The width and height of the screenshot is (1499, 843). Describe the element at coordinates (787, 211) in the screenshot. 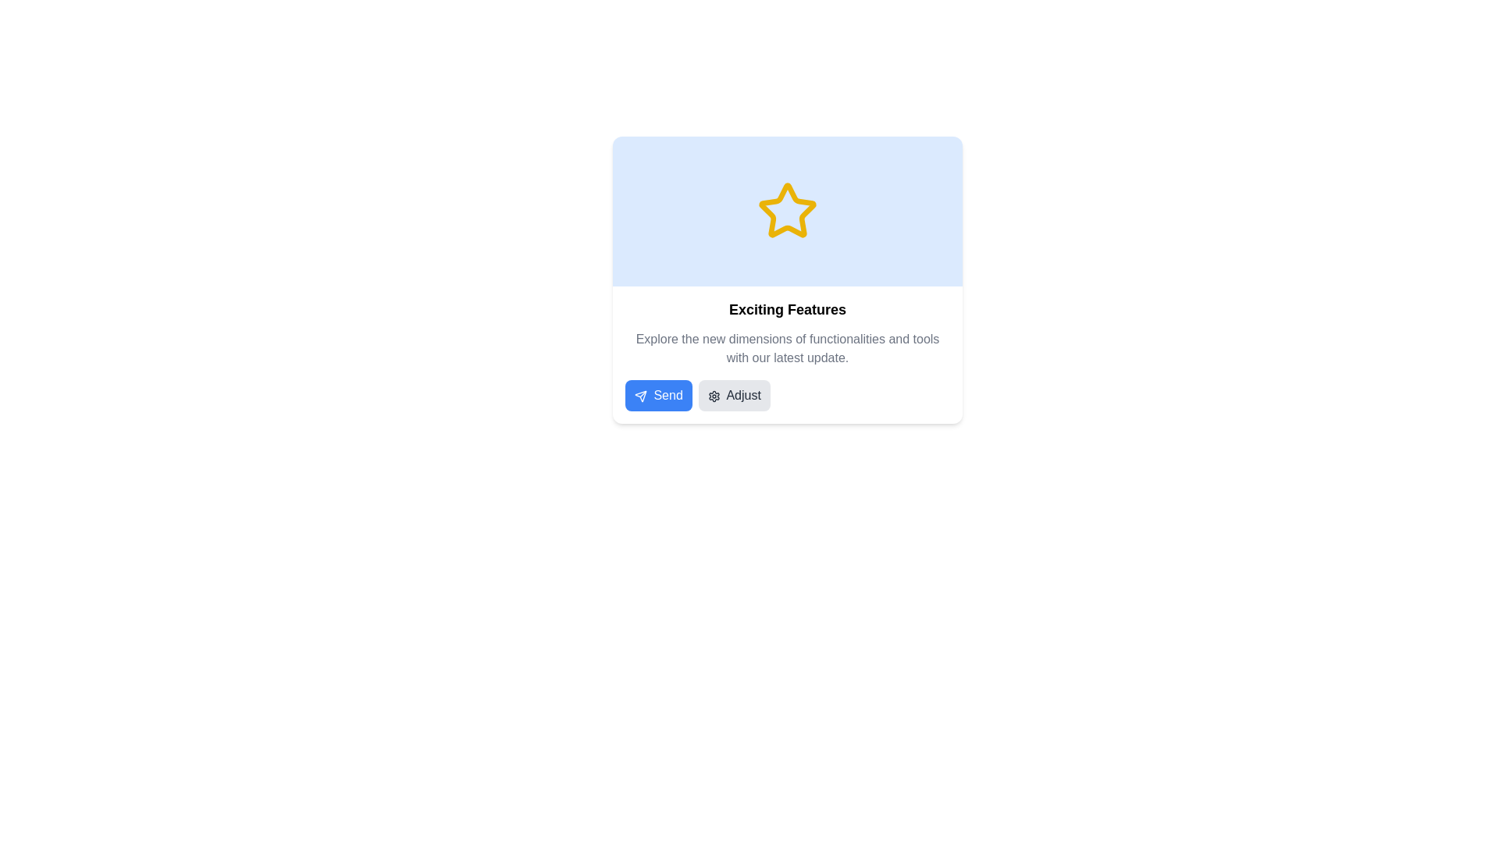

I see `the decorative star icon located centrally within the blue square section at the top of the card, which may indicate a featured item` at that location.